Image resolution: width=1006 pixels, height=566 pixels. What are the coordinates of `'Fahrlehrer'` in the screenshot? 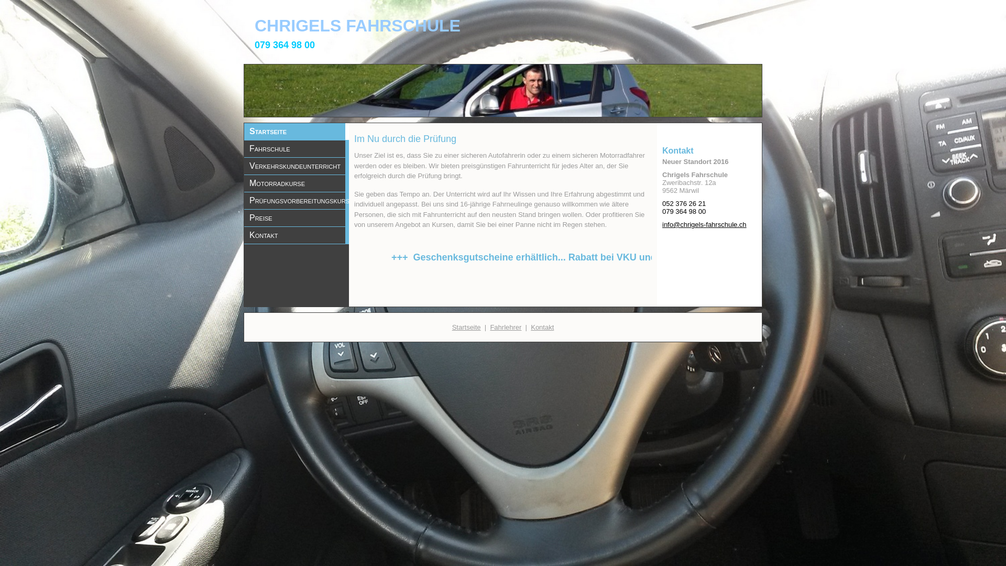 It's located at (505, 326).